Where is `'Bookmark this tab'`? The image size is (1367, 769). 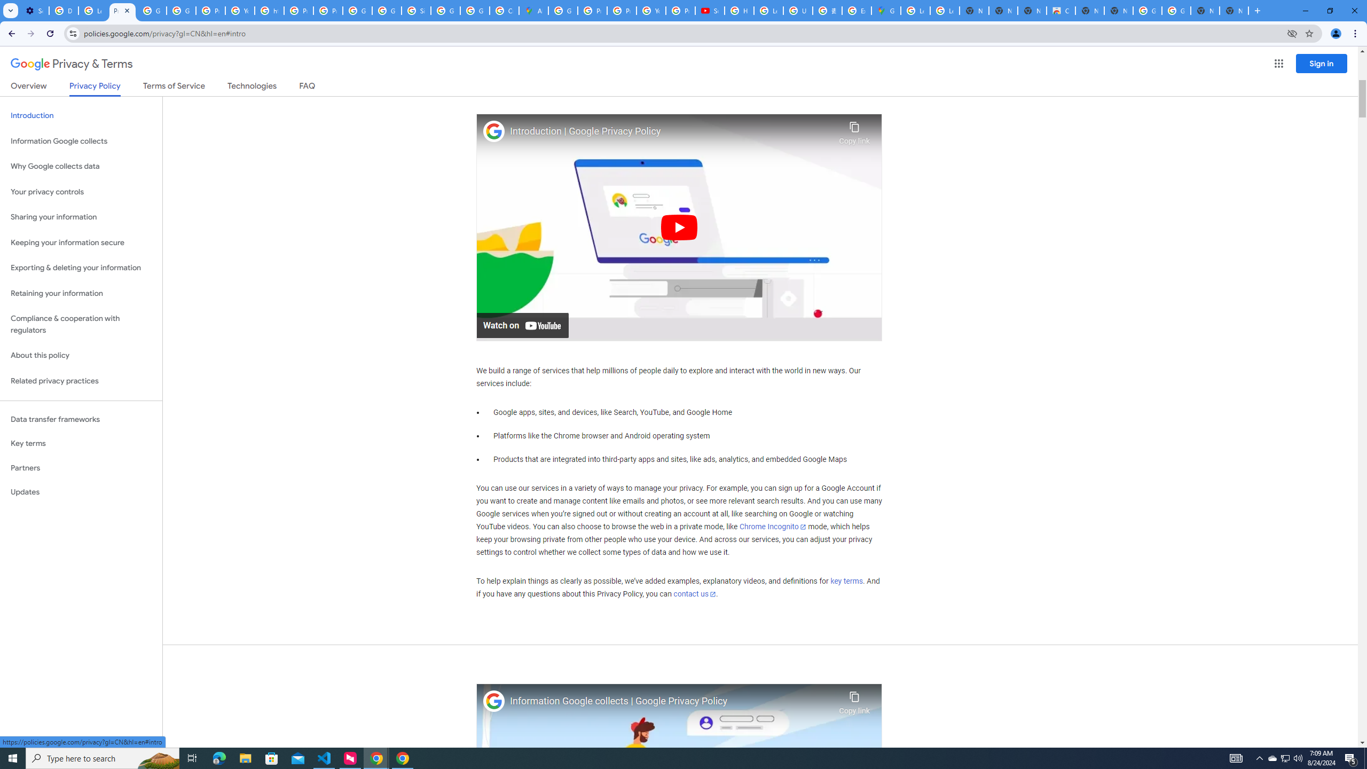 'Bookmark this tab' is located at coordinates (1308, 33).